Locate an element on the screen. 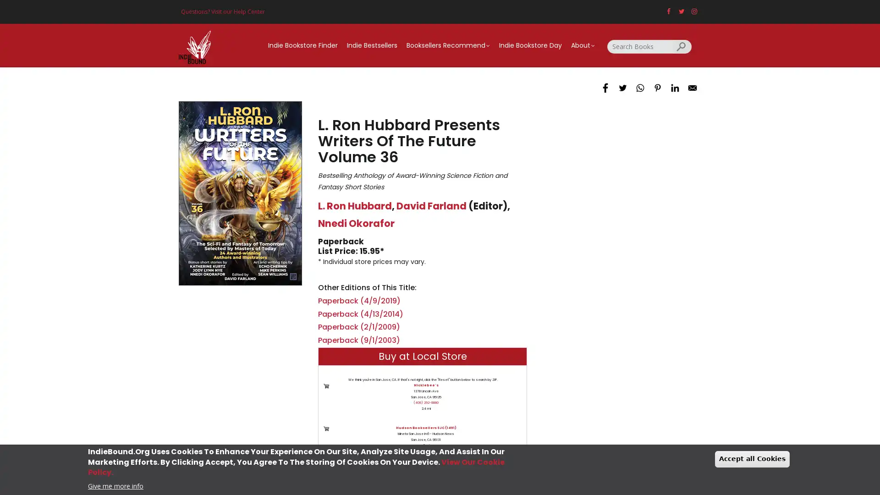 Image resolution: width=880 pixels, height=495 pixels. Accept all Cookies is located at coordinates (752, 459).